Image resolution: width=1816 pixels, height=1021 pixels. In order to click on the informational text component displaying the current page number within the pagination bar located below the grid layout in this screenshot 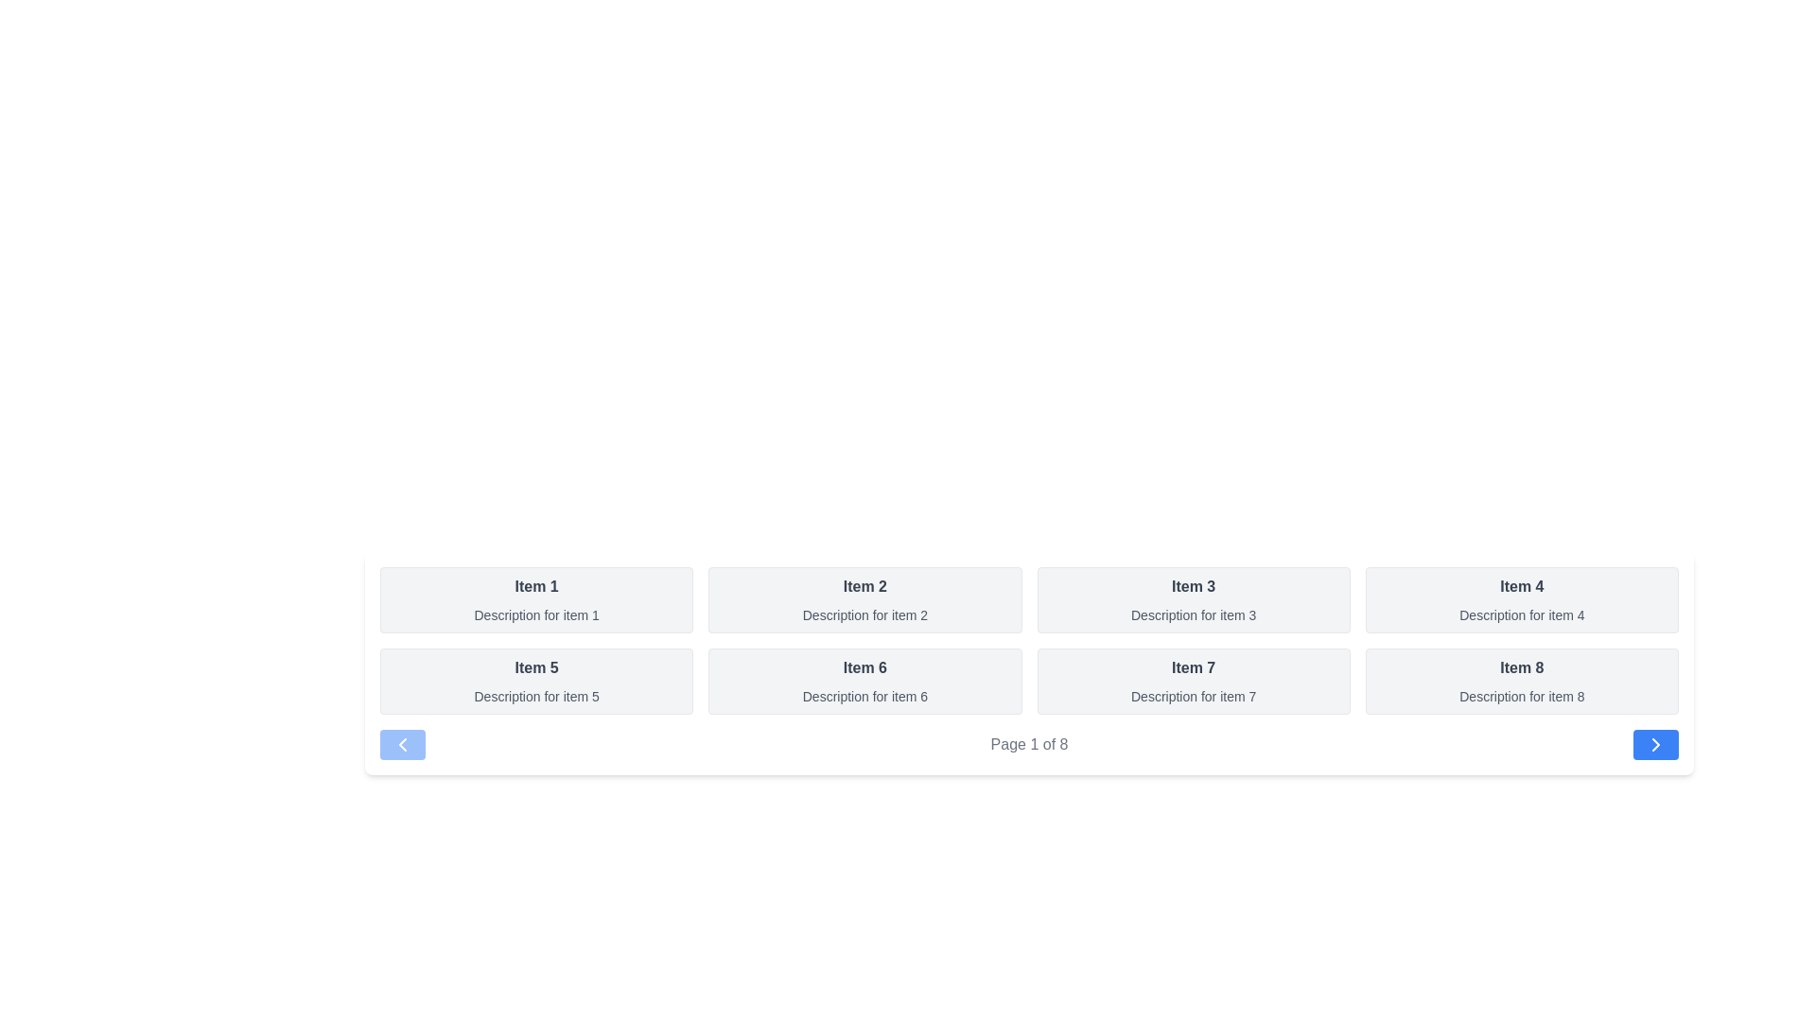, I will do `click(1028, 743)`.